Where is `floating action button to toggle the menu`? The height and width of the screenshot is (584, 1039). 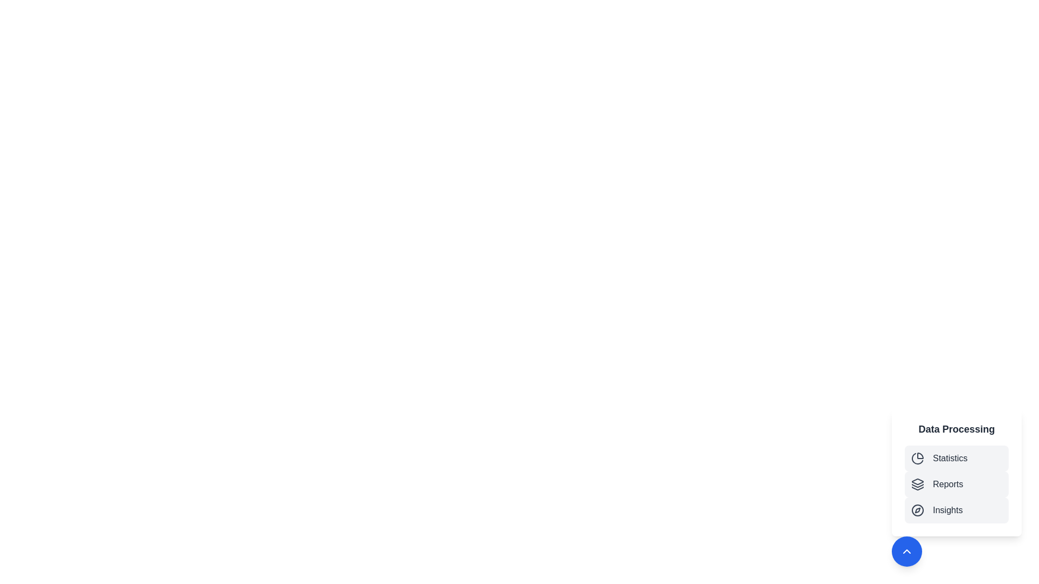
floating action button to toggle the menu is located at coordinates (906, 551).